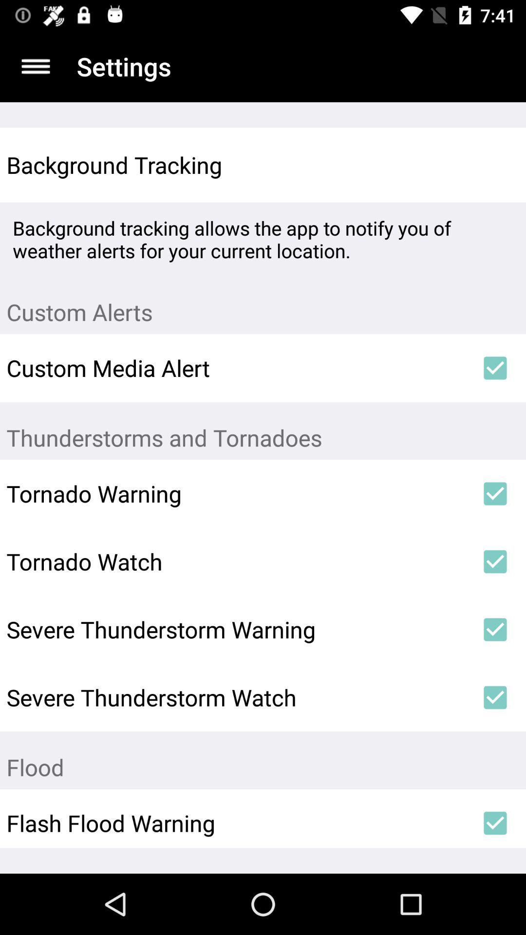  I want to click on see menu, so click(35, 66).